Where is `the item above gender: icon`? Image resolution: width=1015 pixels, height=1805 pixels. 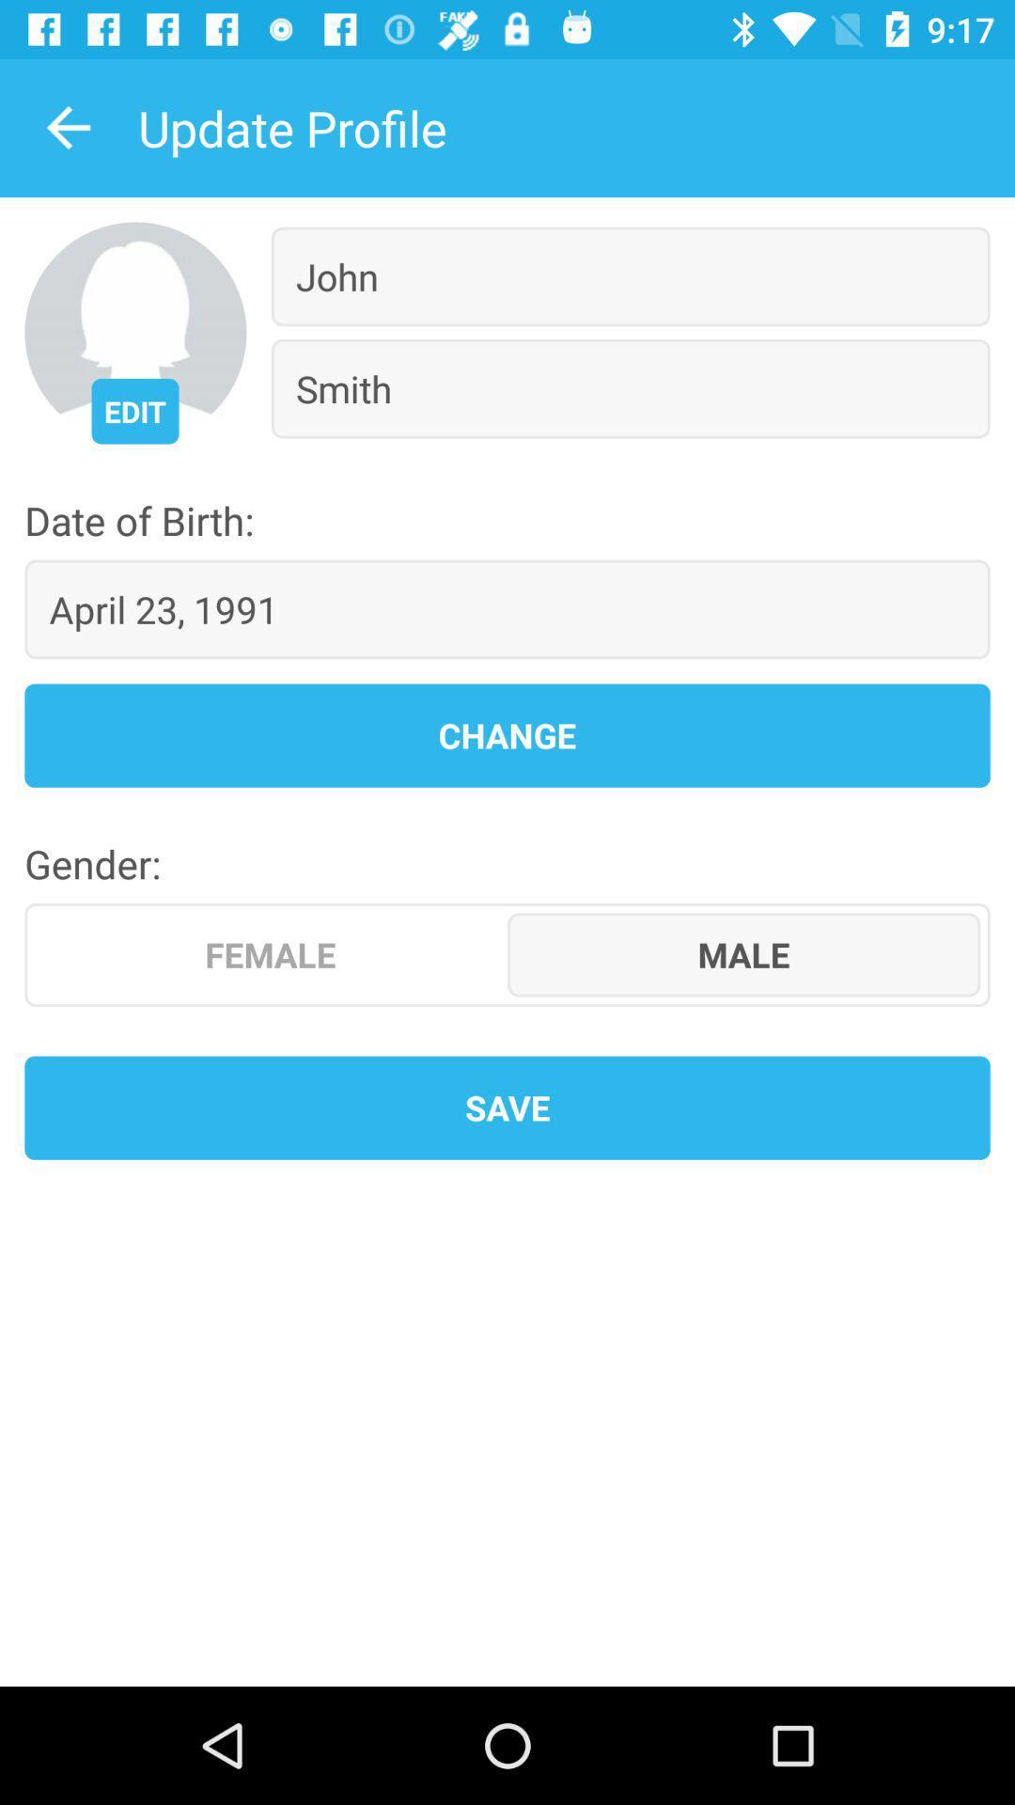 the item above gender: icon is located at coordinates (507, 734).